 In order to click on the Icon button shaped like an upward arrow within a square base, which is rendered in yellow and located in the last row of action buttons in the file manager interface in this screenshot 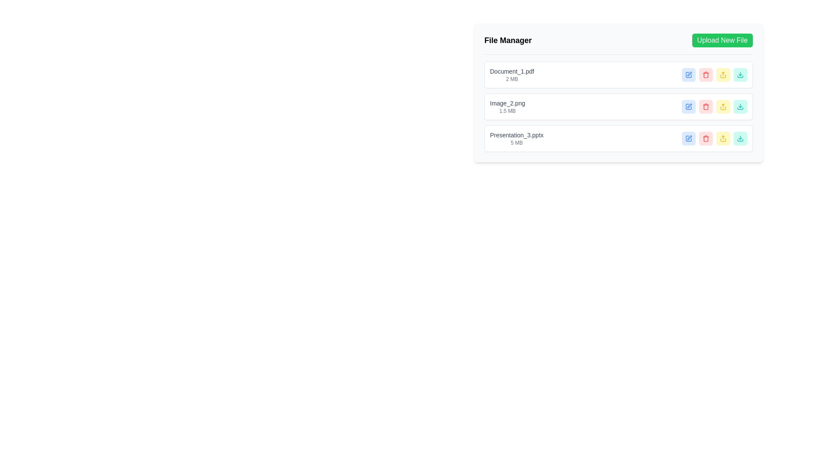, I will do `click(723, 106)`.